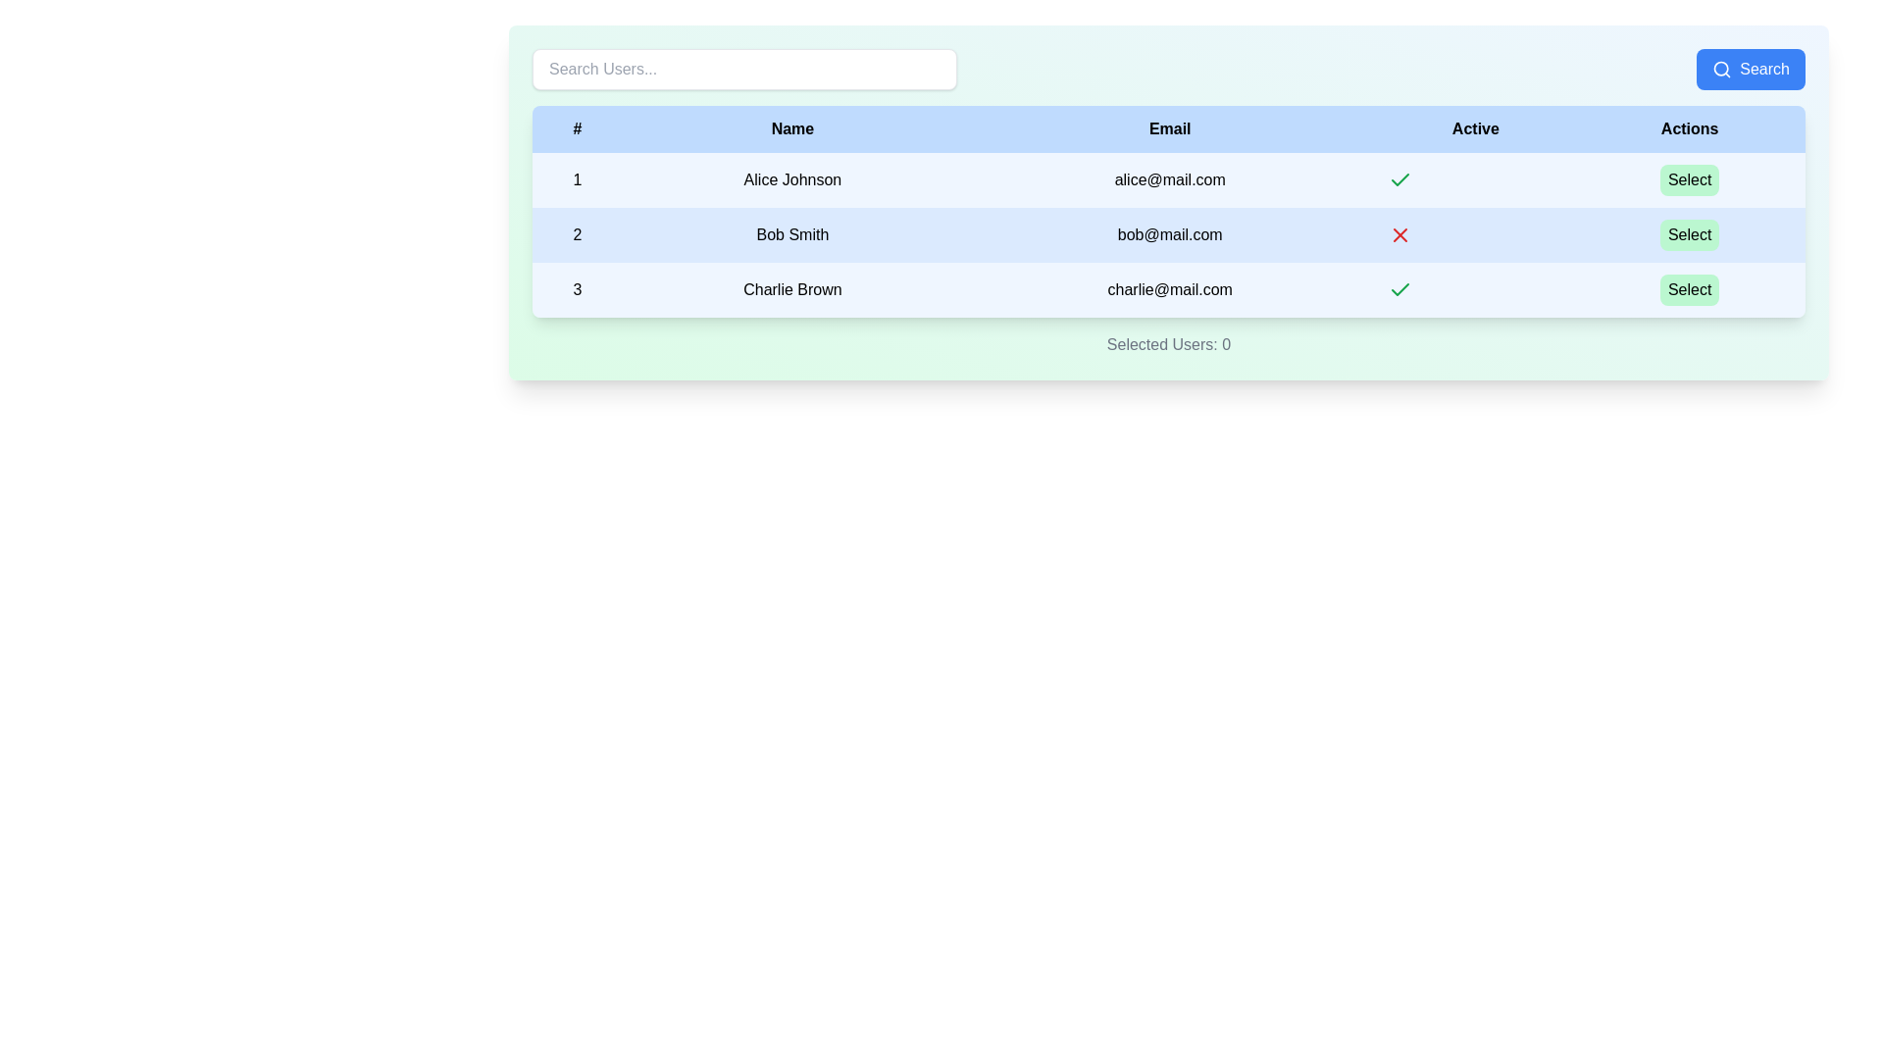  I want to click on the second 'Select' button in the 'Actions' column of the table, so click(1689, 233).